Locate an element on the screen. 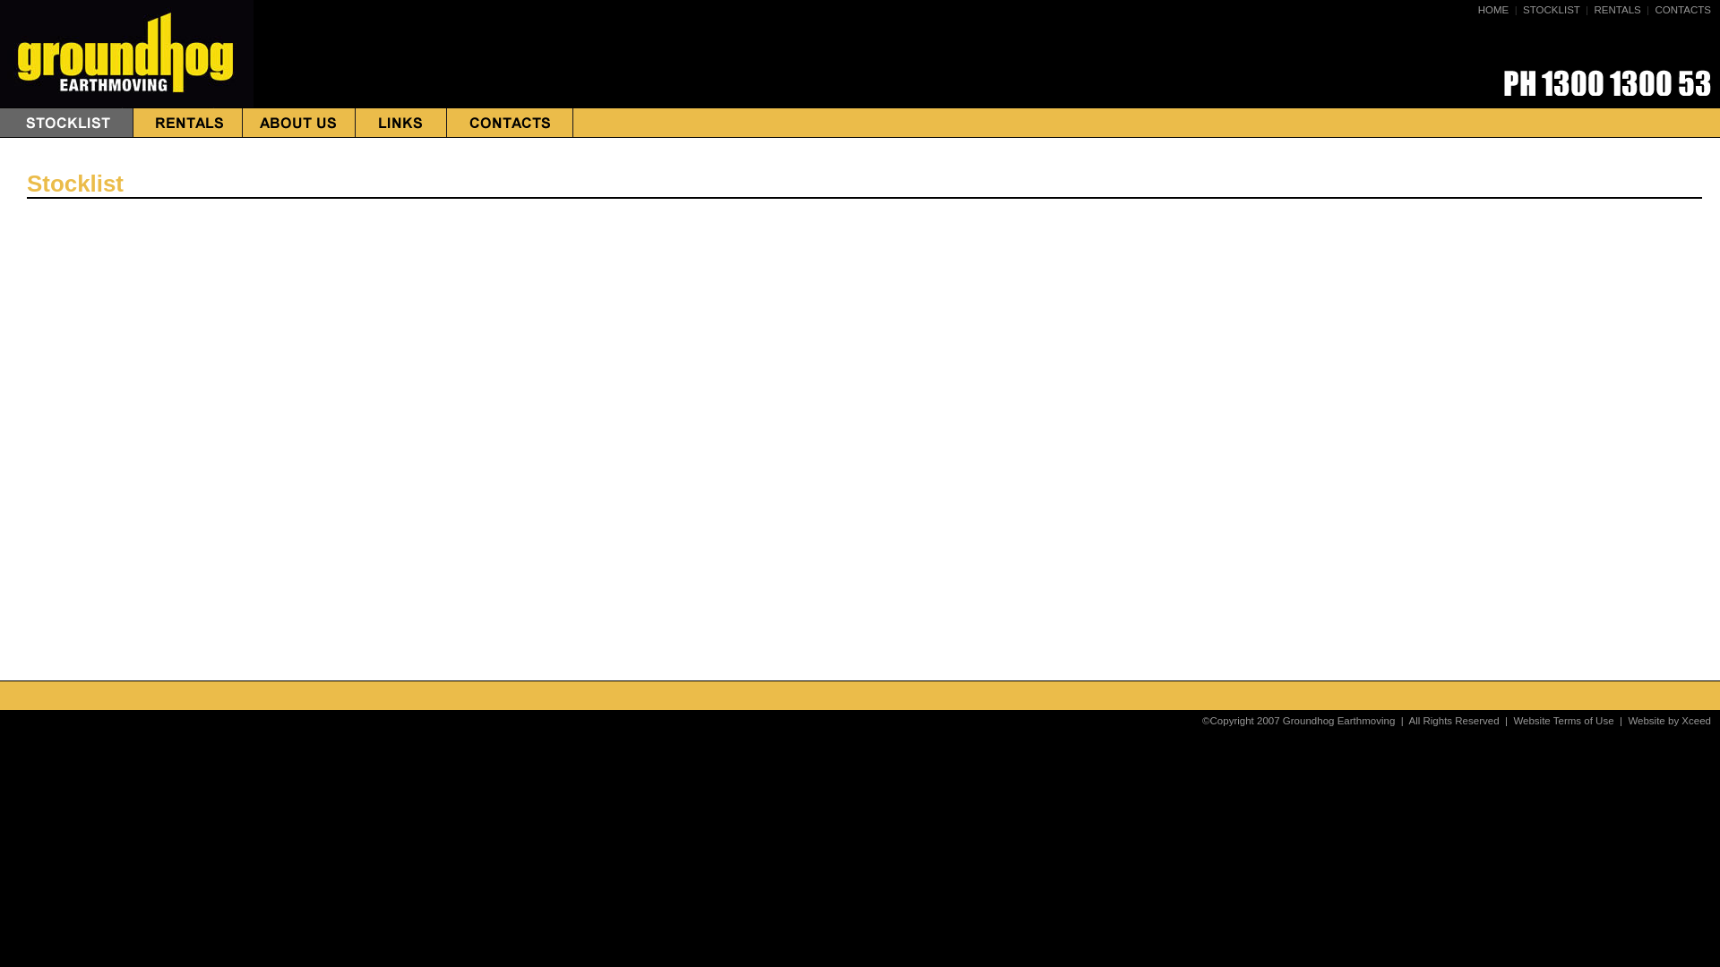 Image resolution: width=1720 pixels, height=967 pixels. 'HOME' is located at coordinates (1493, 10).